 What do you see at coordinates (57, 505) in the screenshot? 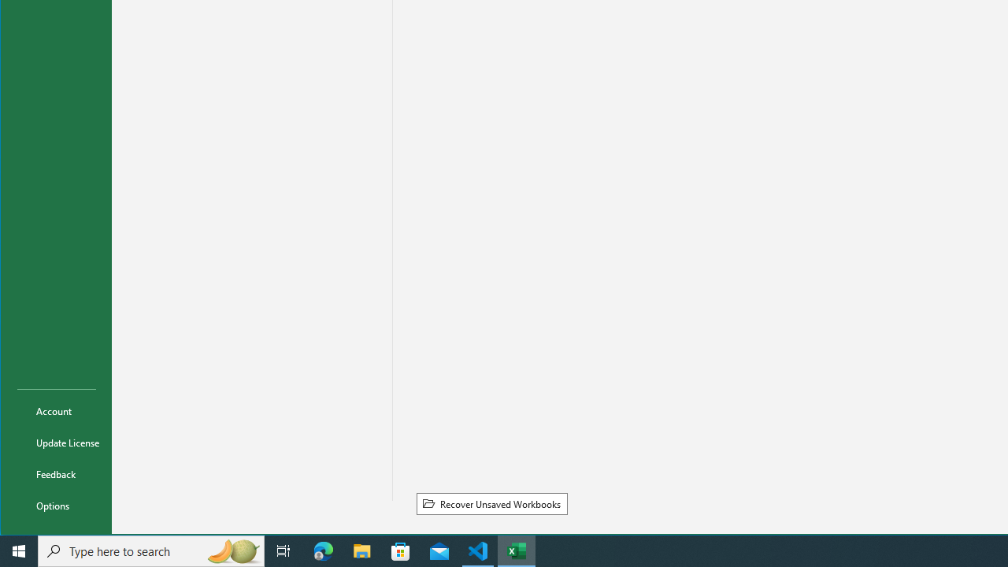
I see `'Options'` at bounding box center [57, 505].